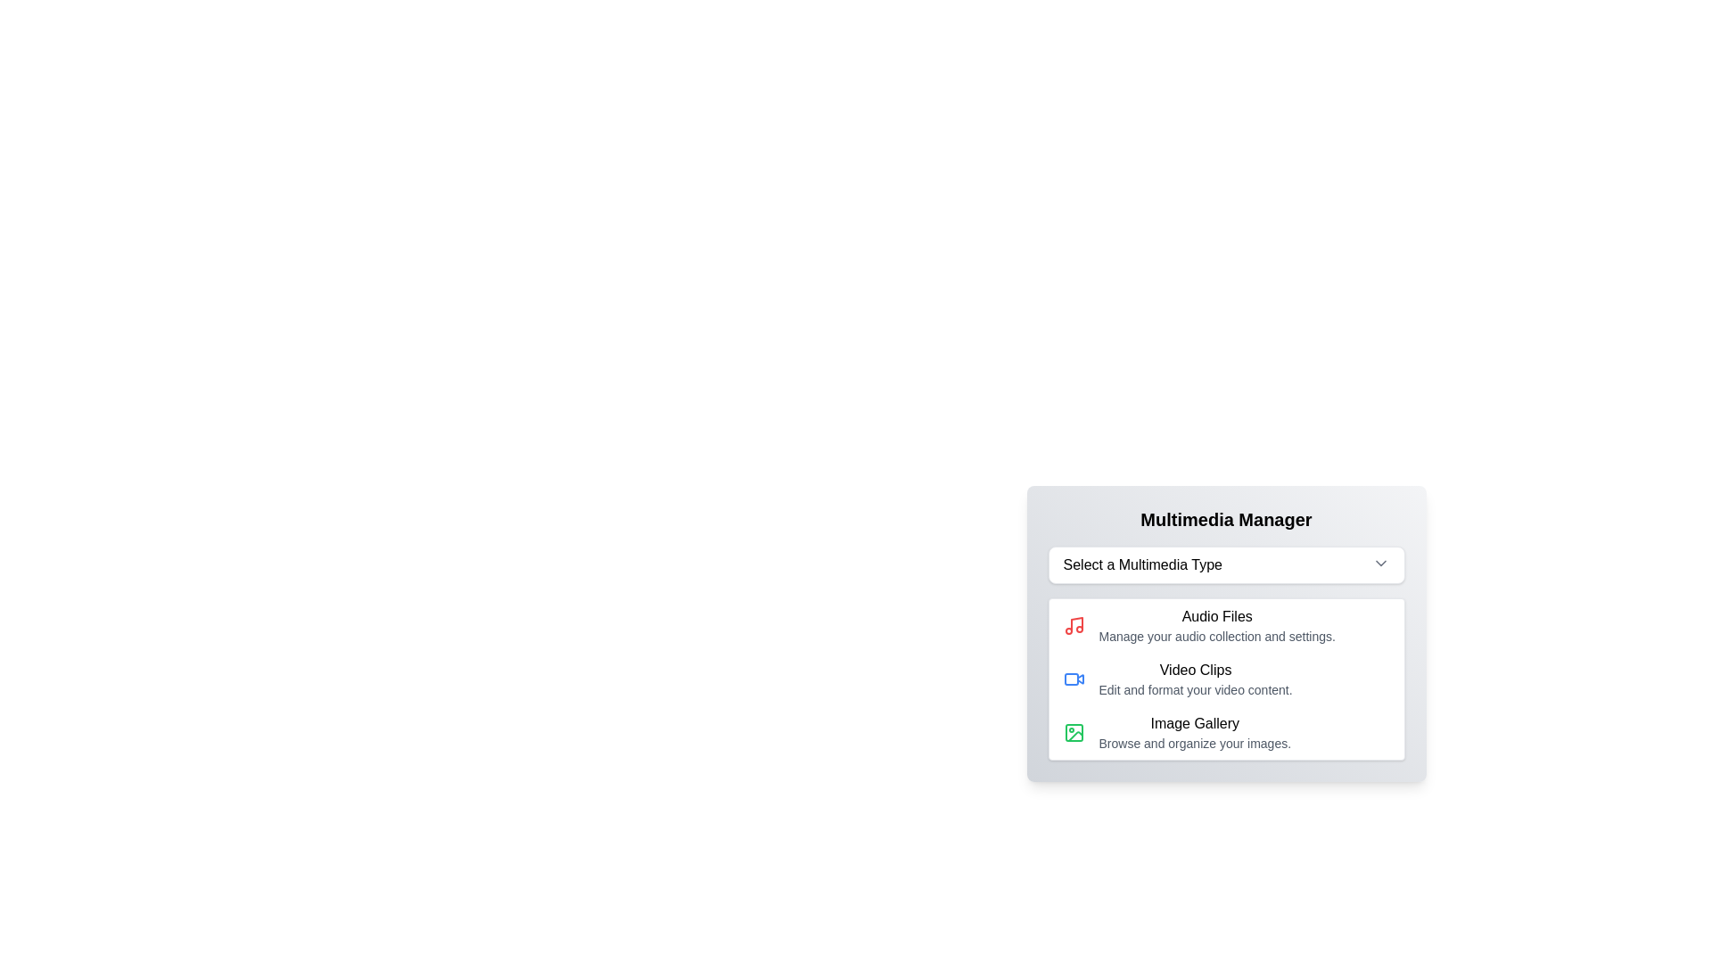  Describe the element at coordinates (1225, 683) in the screenshot. I see `the multimedia management module located in the lower-right side of the viewport` at that location.